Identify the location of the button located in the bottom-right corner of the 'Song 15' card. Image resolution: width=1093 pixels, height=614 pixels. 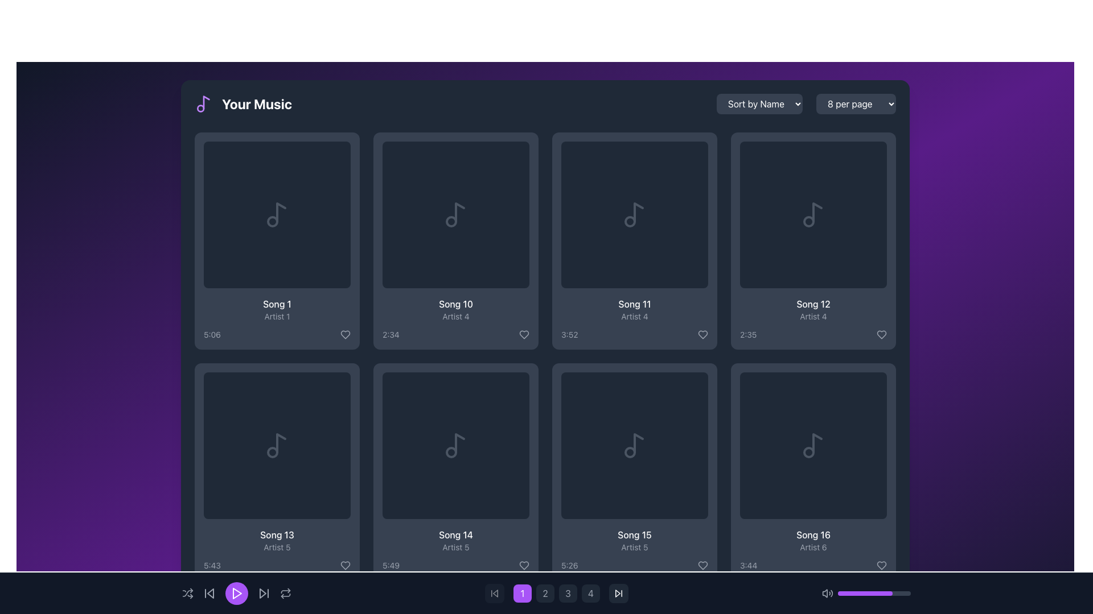
(702, 566).